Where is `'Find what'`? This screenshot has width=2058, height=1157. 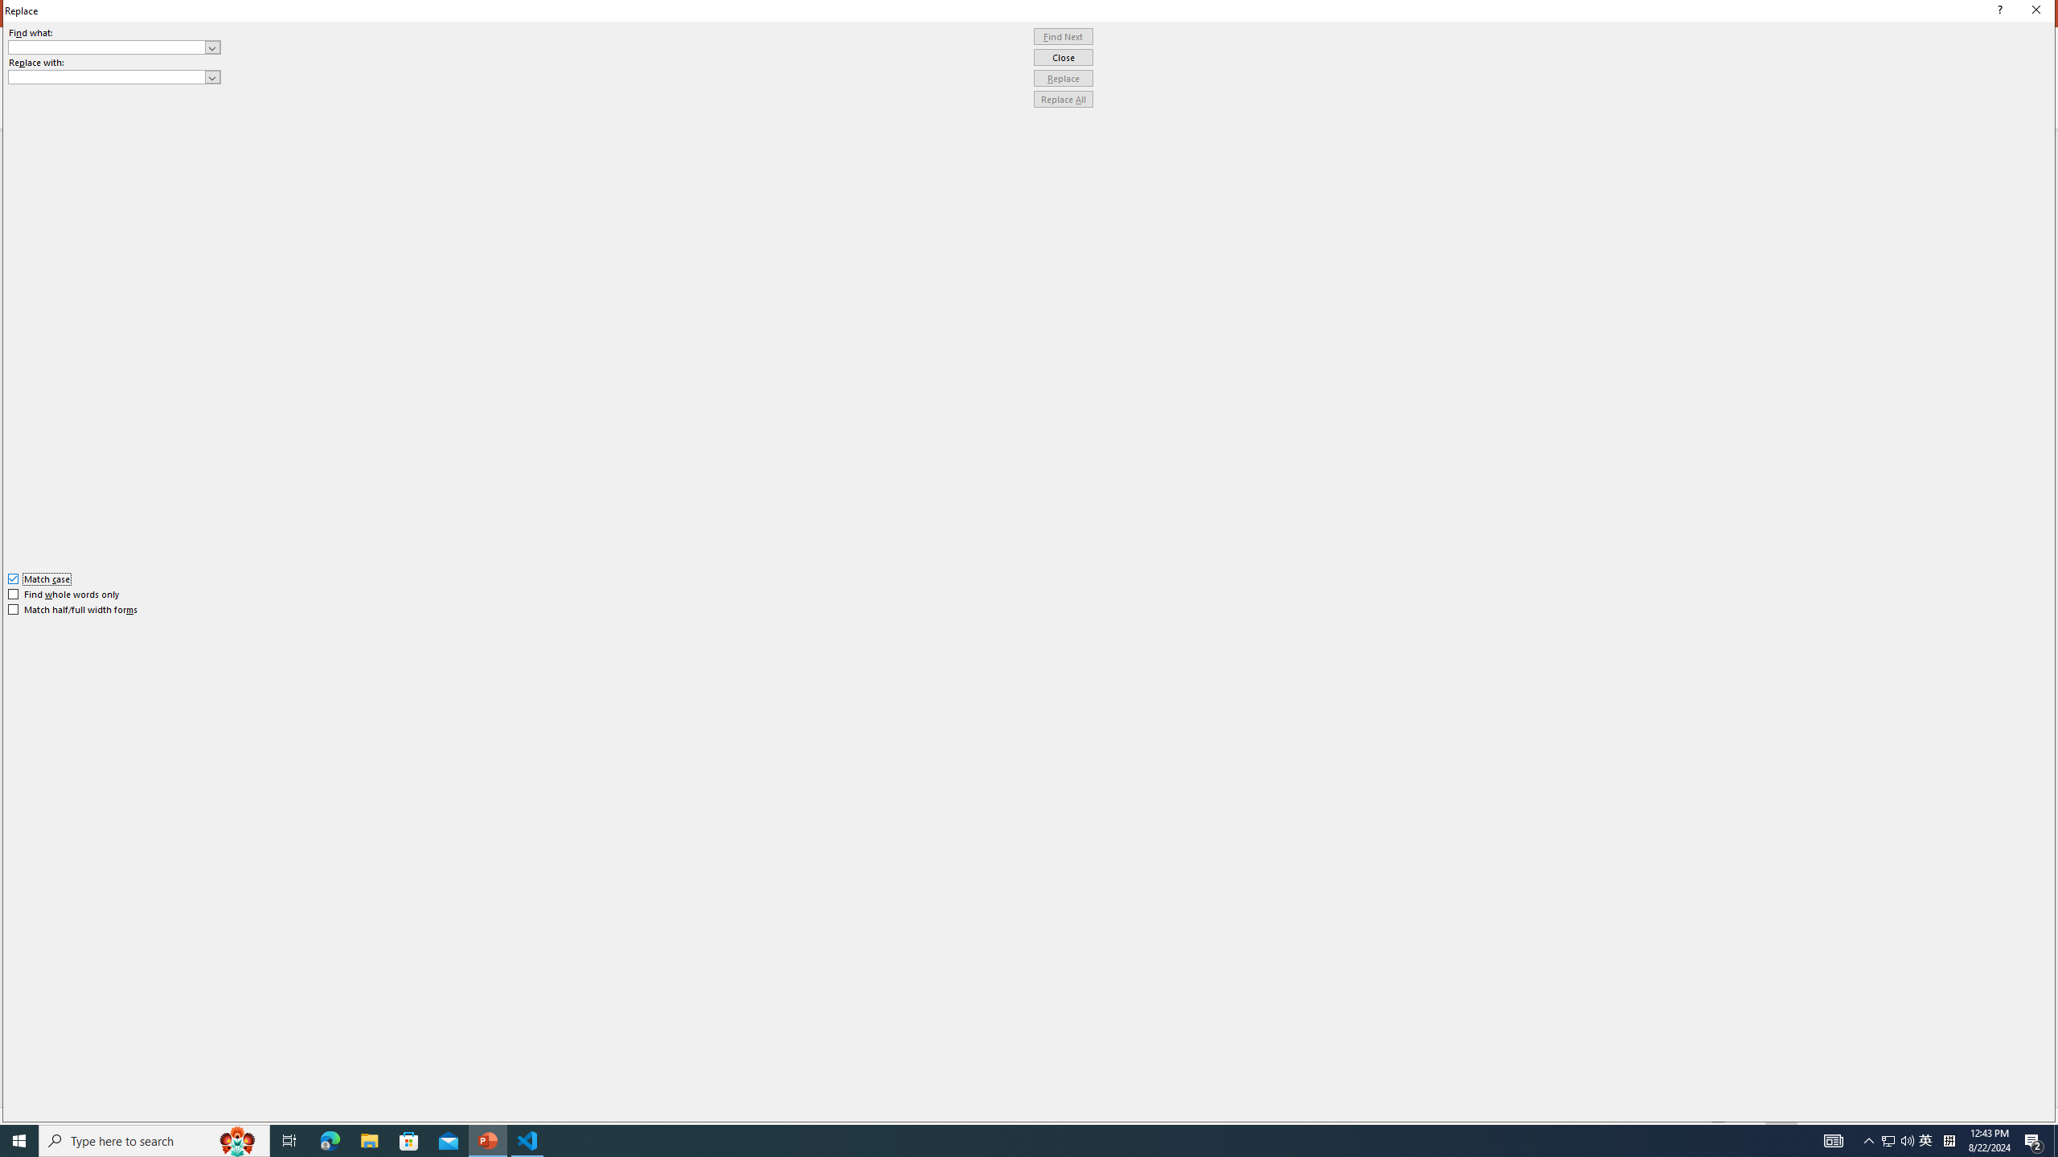 'Find what' is located at coordinates (114, 47).